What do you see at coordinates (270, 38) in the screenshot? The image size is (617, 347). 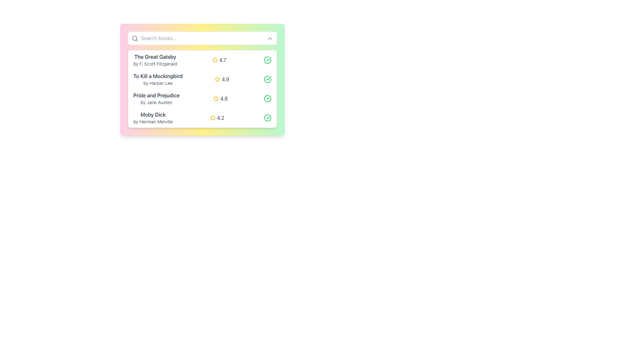 I see `the collapsible indicator icon at the right edge of the search bar` at bounding box center [270, 38].